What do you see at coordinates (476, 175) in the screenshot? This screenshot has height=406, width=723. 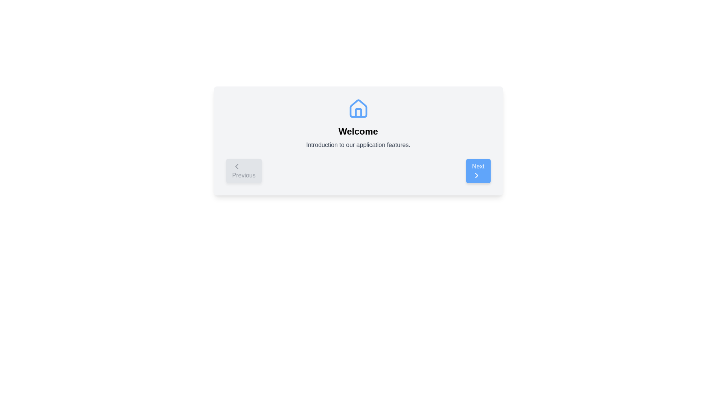 I see `the 'Next' button which contains a triangular right arrow icon` at bounding box center [476, 175].